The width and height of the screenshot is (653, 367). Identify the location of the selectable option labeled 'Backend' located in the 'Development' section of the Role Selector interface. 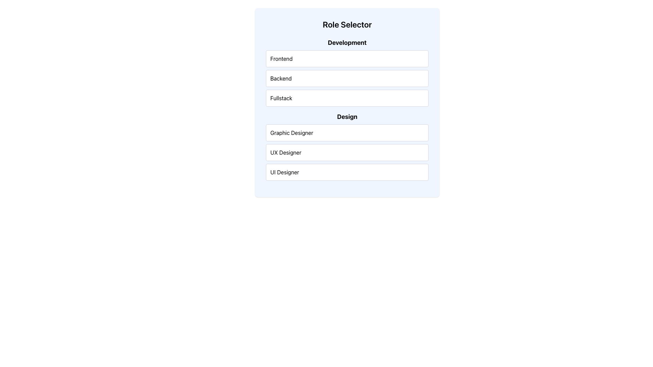
(347, 72).